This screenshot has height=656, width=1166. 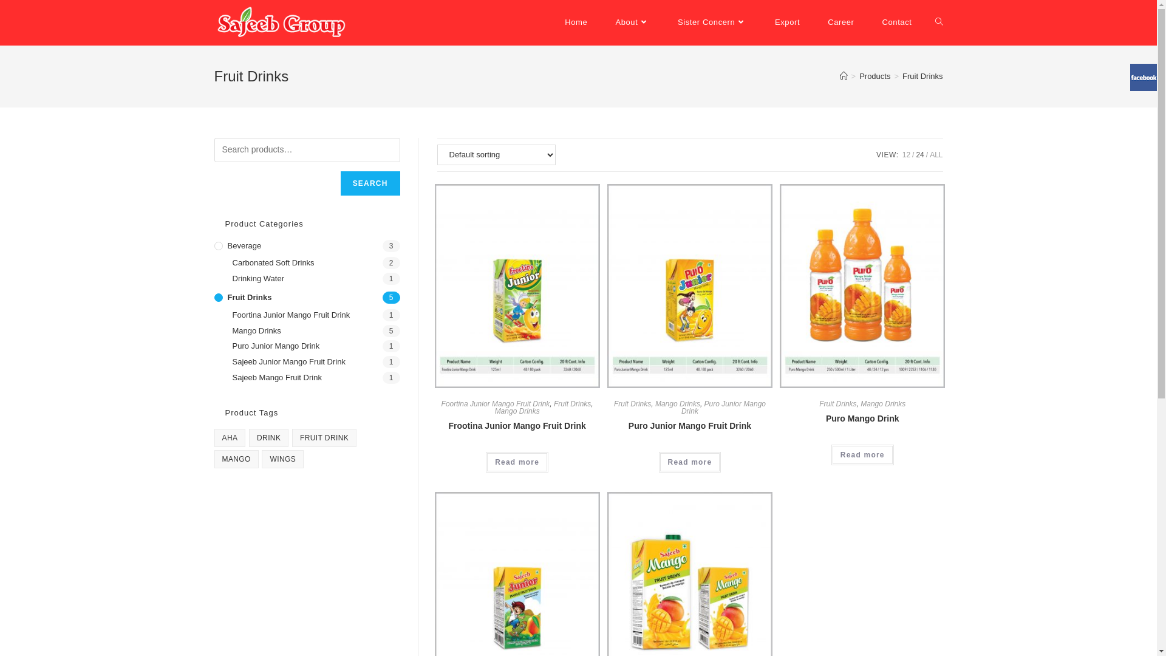 I want to click on 'MANGO', so click(x=236, y=459).